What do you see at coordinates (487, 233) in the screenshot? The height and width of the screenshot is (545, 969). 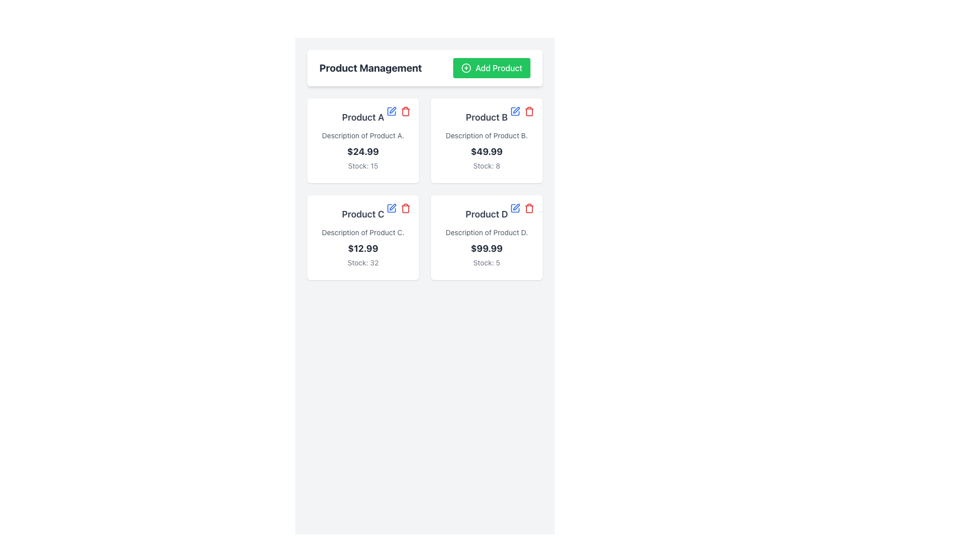 I see `the descriptive text label for Product D, which is positioned below the title 'Product D' and above the price '$99.99'` at bounding box center [487, 233].